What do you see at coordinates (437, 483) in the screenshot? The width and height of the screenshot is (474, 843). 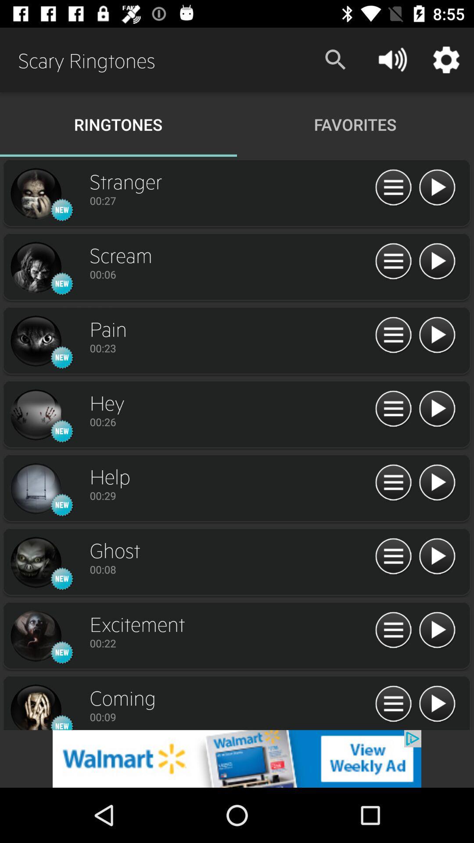 I see `ringtone option` at bounding box center [437, 483].